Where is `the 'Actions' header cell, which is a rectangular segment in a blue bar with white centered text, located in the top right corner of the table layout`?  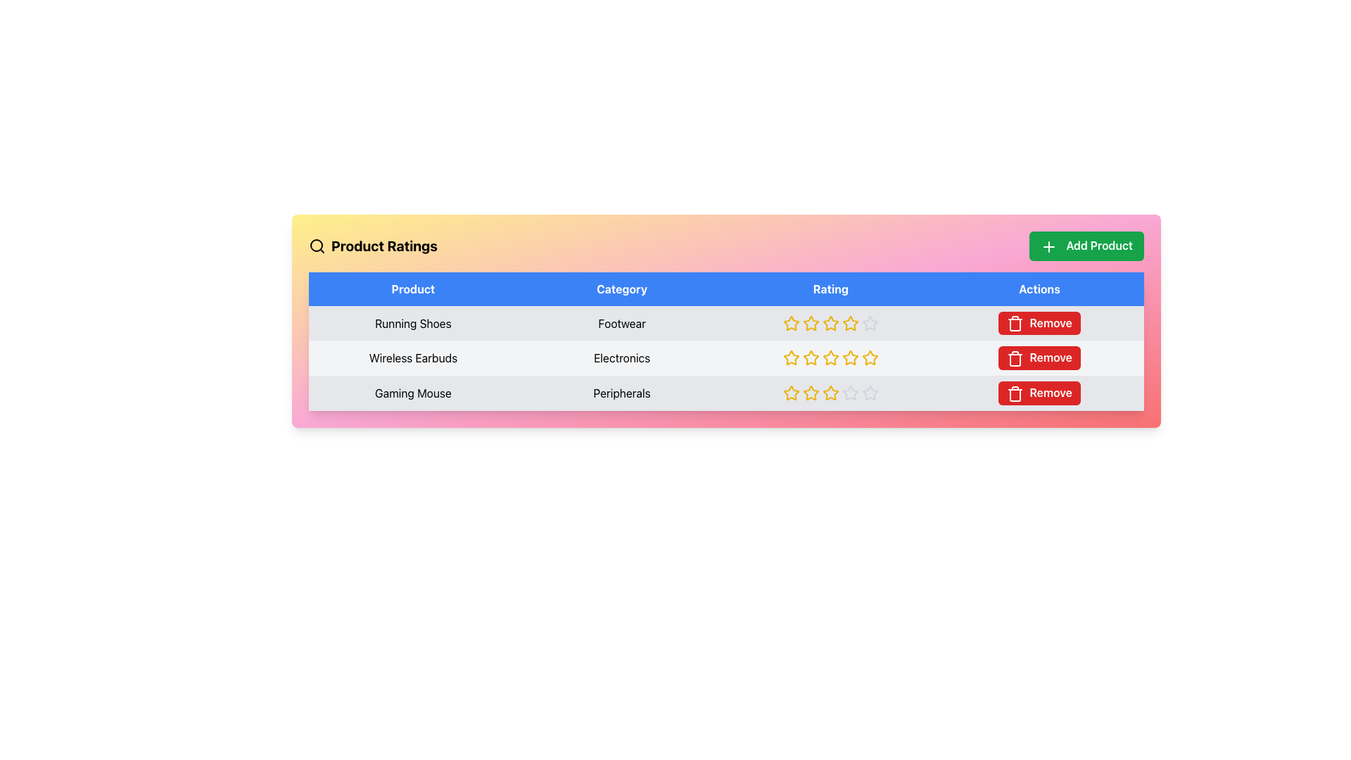 the 'Actions' header cell, which is a rectangular segment in a blue bar with white centered text, located in the top right corner of the table layout is located at coordinates (1039, 288).